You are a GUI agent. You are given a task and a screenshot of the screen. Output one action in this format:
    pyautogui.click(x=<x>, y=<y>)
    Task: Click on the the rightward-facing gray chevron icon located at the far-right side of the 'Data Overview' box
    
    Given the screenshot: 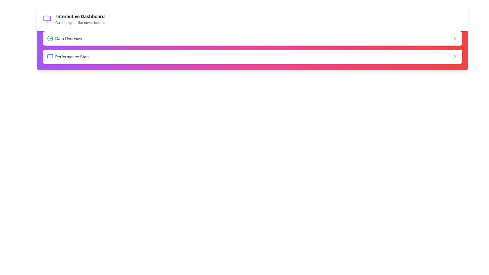 What is the action you would take?
    pyautogui.click(x=455, y=38)
    